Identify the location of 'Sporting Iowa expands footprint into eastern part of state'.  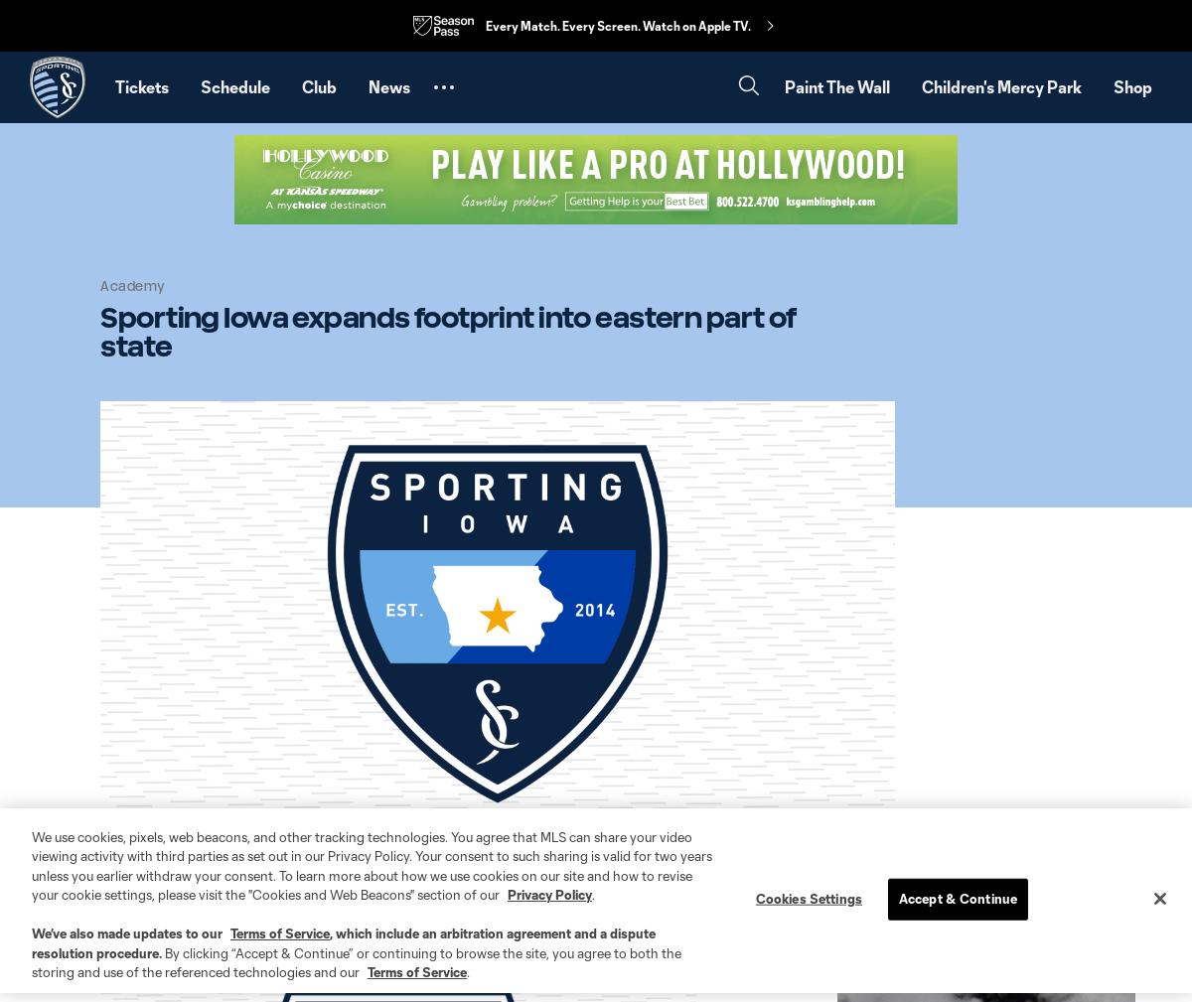
(447, 330).